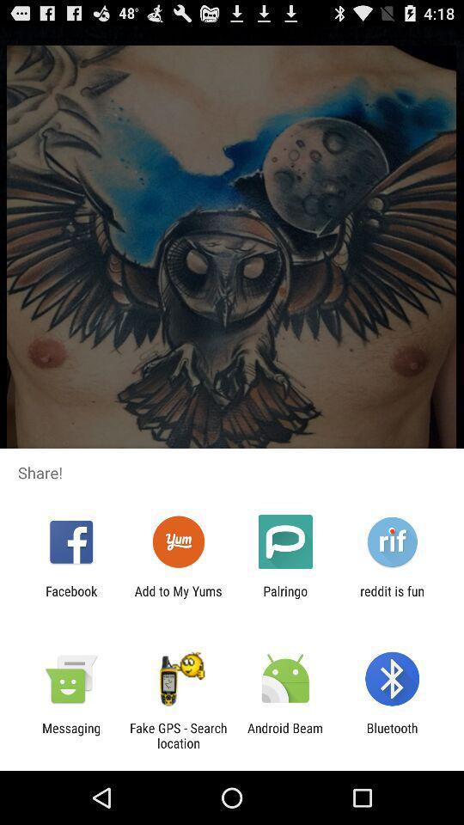 The height and width of the screenshot is (825, 464). What do you see at coordinates (285, 735) in the screenshot?
I see `icon to the left of the bluetooth icon` at bounding box center [285, 735].